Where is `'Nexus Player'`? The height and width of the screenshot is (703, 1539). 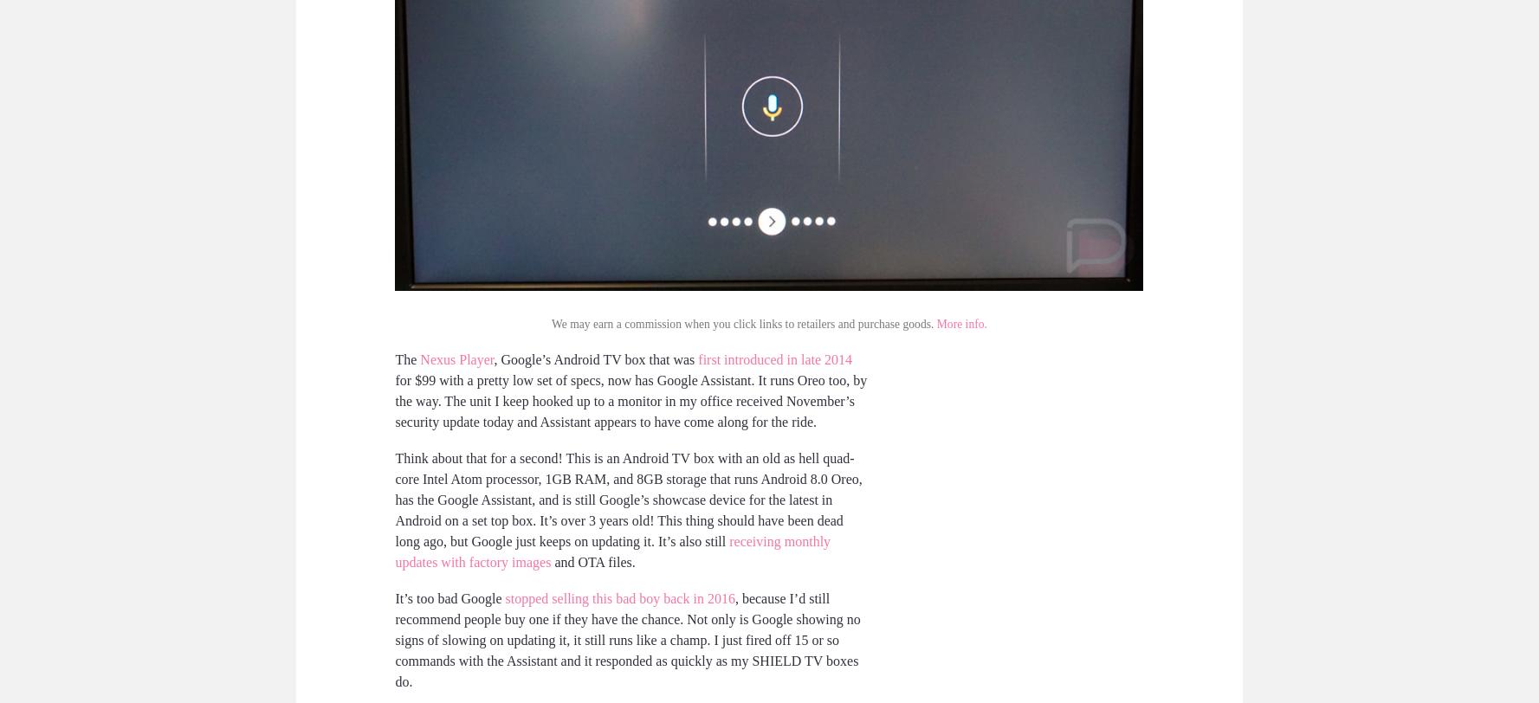
'Nexus Player' is located at coordinates (419, 358).